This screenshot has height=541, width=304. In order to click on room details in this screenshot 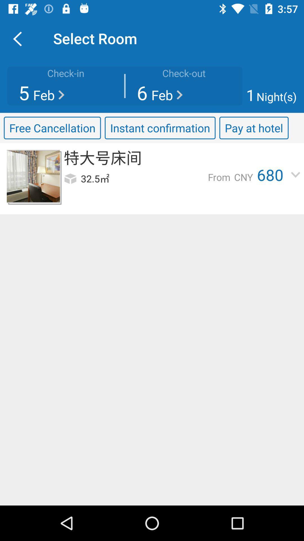, I will do `click(33, 176)`.